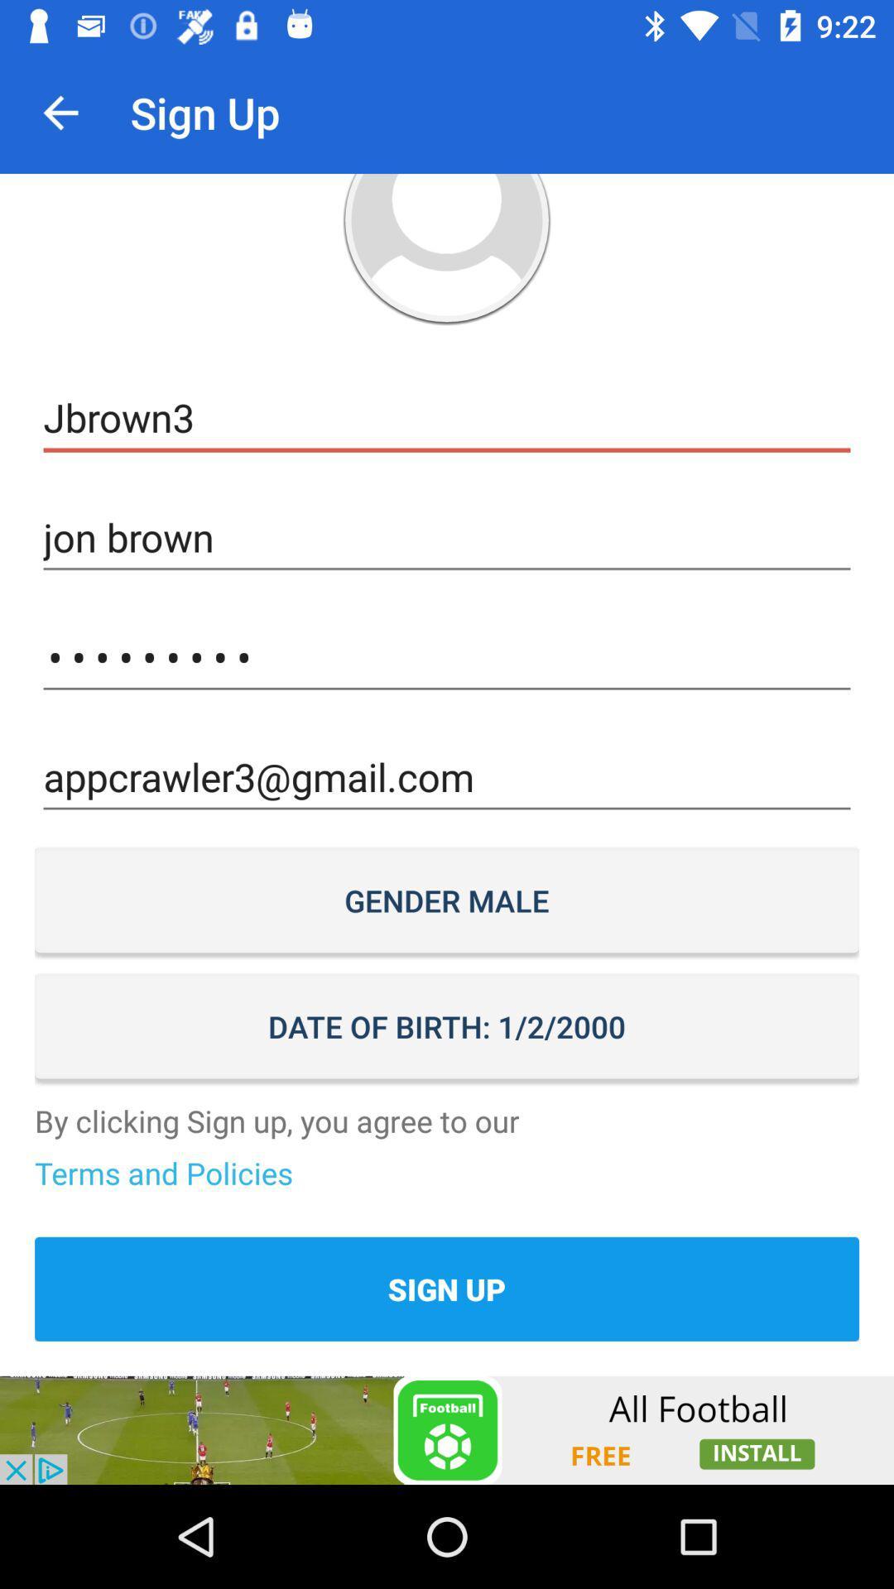 The height and width of the screenshot is (1589, 894). What do you see at coordinates (447, 248) in the screenshot?
I see `change user photo` at bounding box center [447, 248].